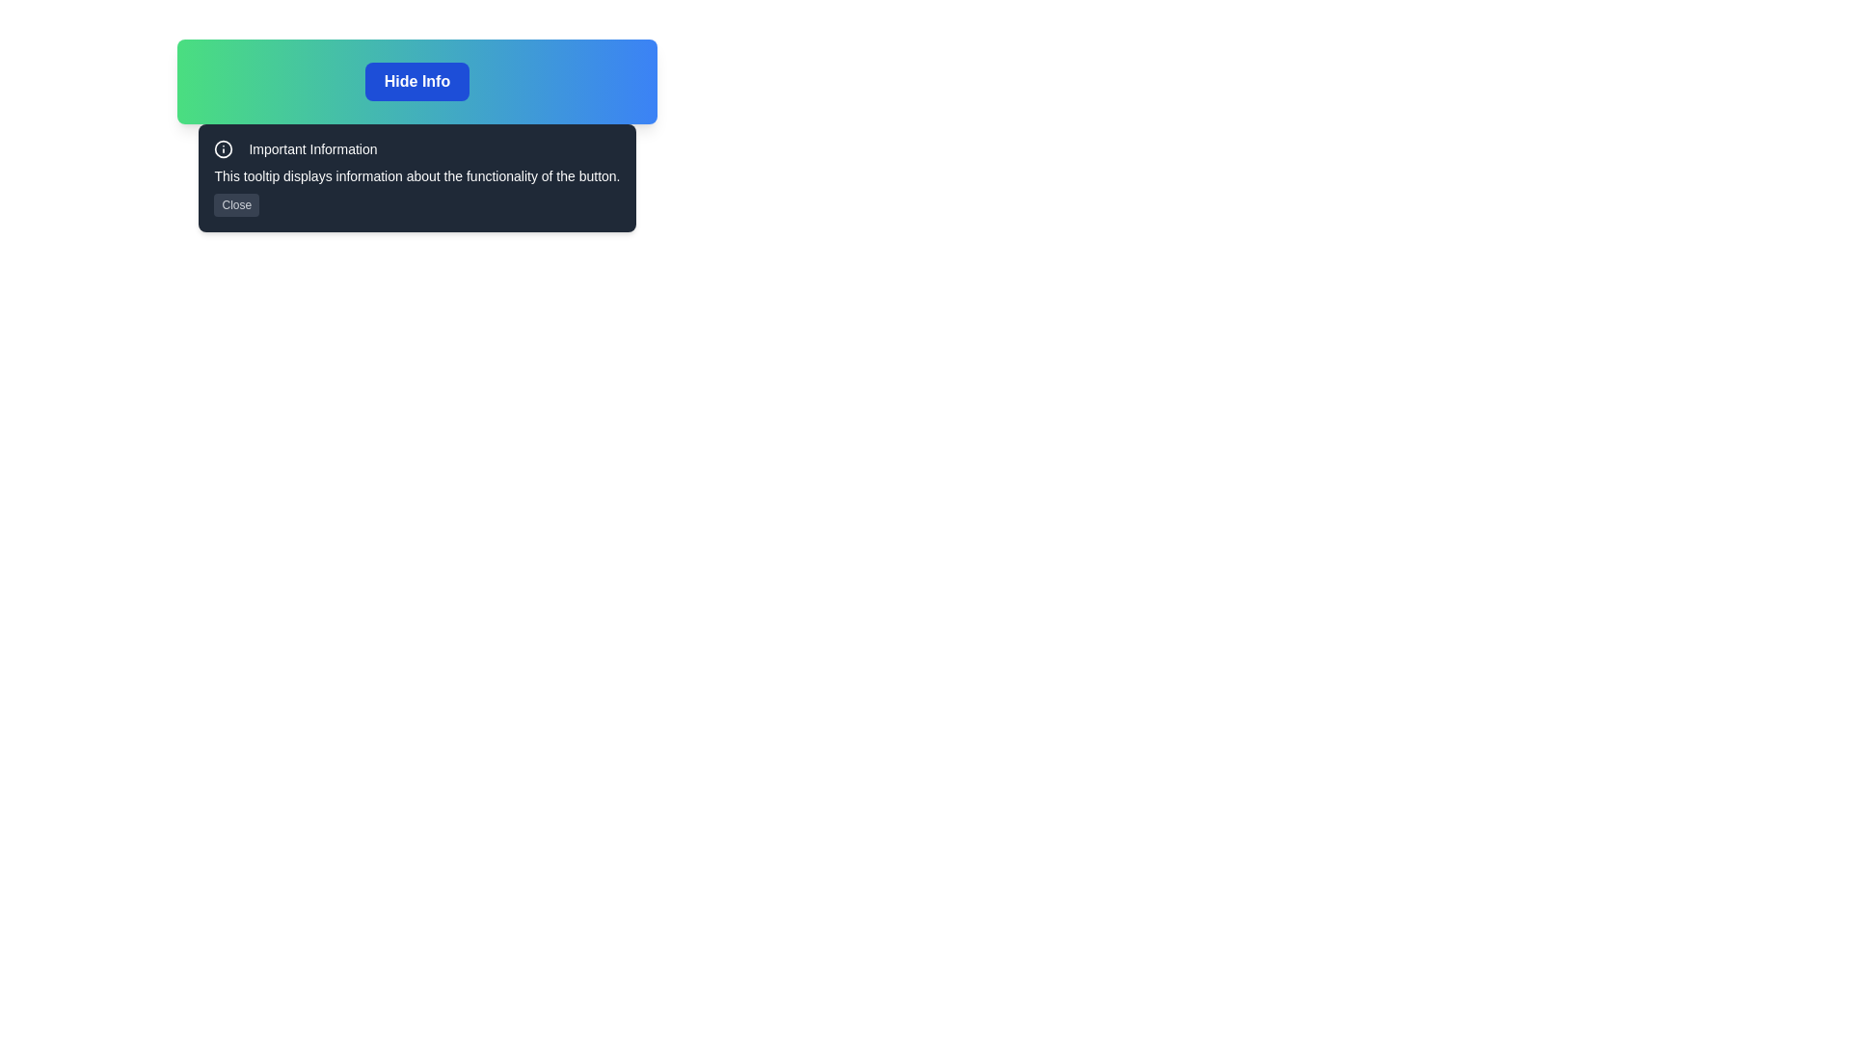 This screenshot has height=1041, width=1851. What do you see at coordinates (313, 147) in the screenshot?
I see `the Text Label that serves as a heading or title, located below the 'Hide Info' button and to the right of an informational icon` at bounding box center [313, 147].